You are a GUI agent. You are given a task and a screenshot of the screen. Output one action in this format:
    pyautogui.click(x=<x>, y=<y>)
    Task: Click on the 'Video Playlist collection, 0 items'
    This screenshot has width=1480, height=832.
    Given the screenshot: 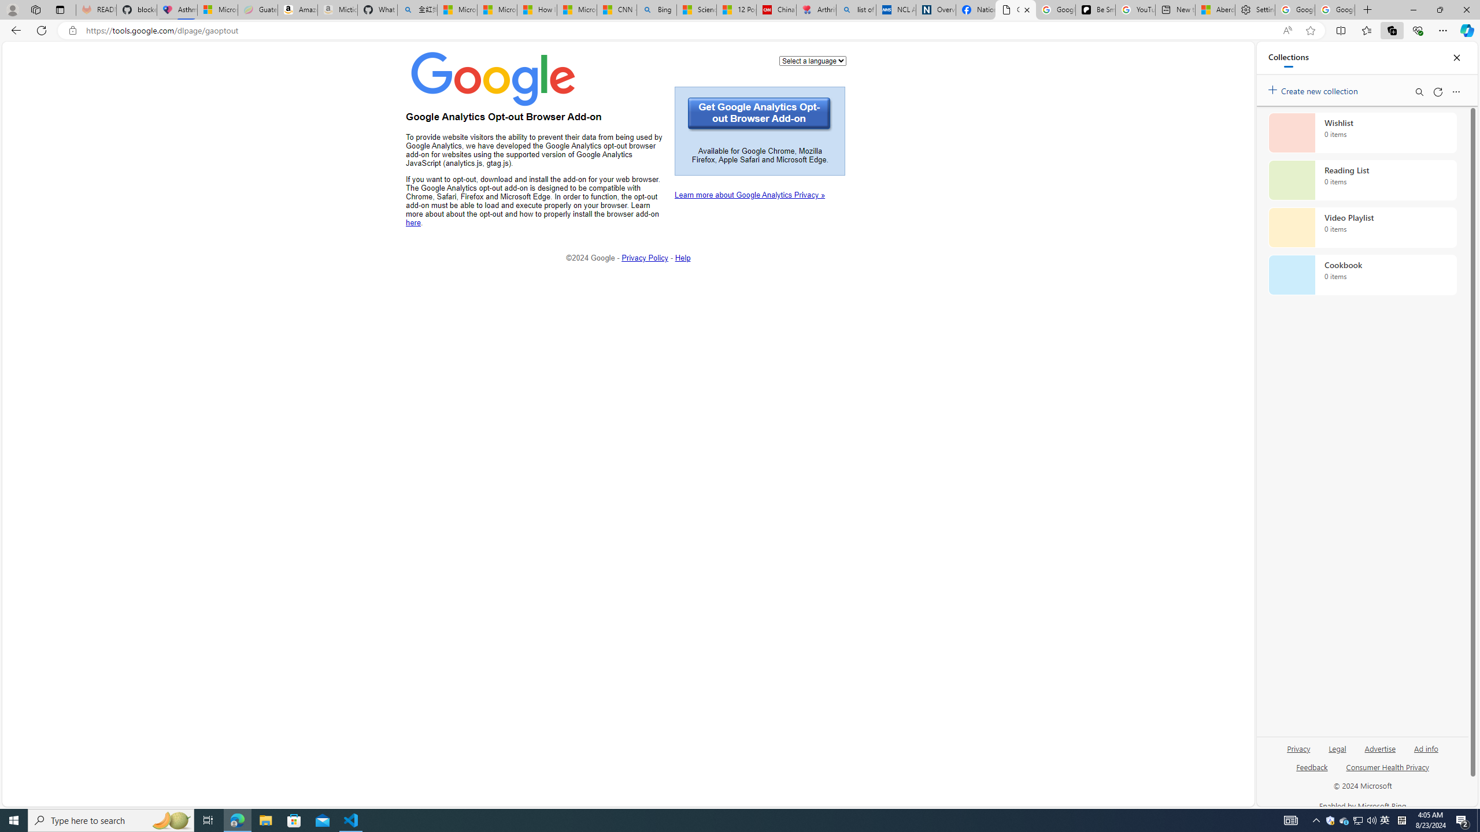 What is the action you would take?
    pyautogui.click(x=1362, y=226)
    